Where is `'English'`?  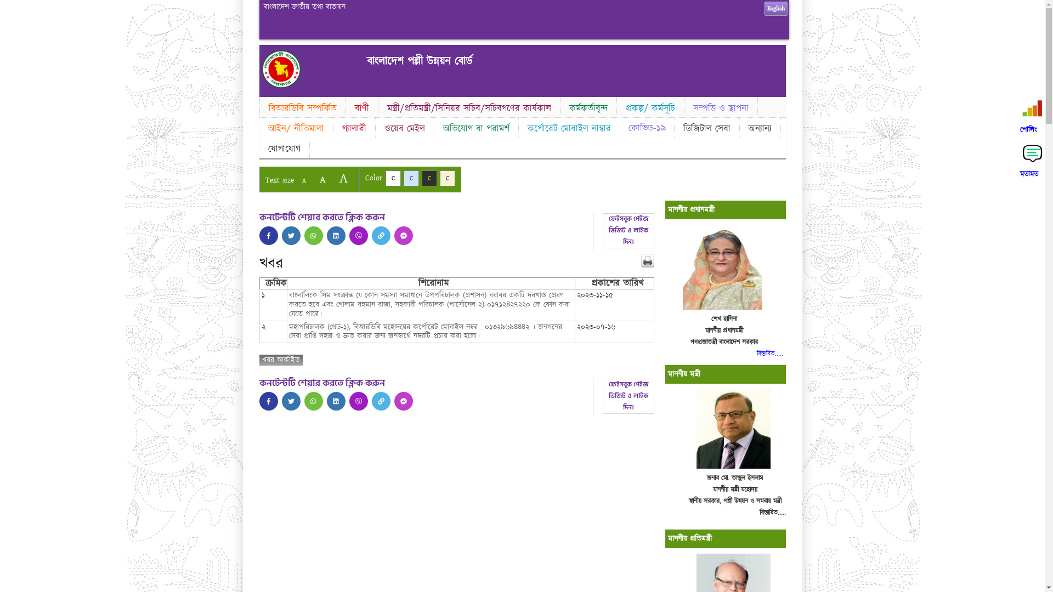
'English' is located at coordinates (775, 8).